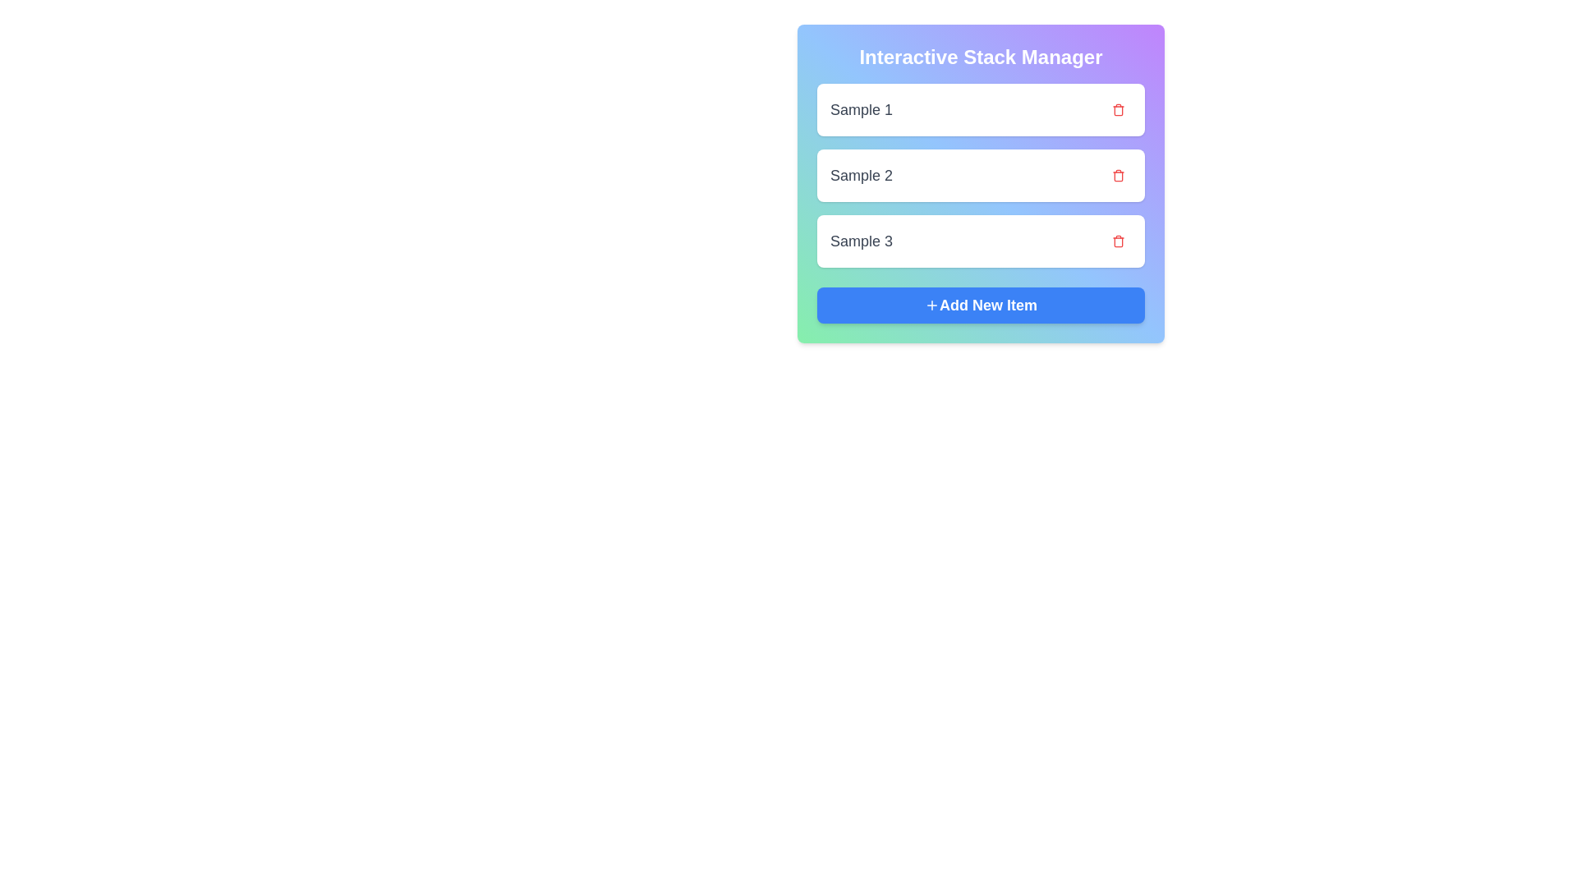 Image resolution: width=1577 pixels, height=887 pixels. What do you see at coordinates (1118, 241) in the screenshot?
I see `the delete button located to the right of the 'Sample 3' text in the third row of the list` at bounding box center [1118, 241].